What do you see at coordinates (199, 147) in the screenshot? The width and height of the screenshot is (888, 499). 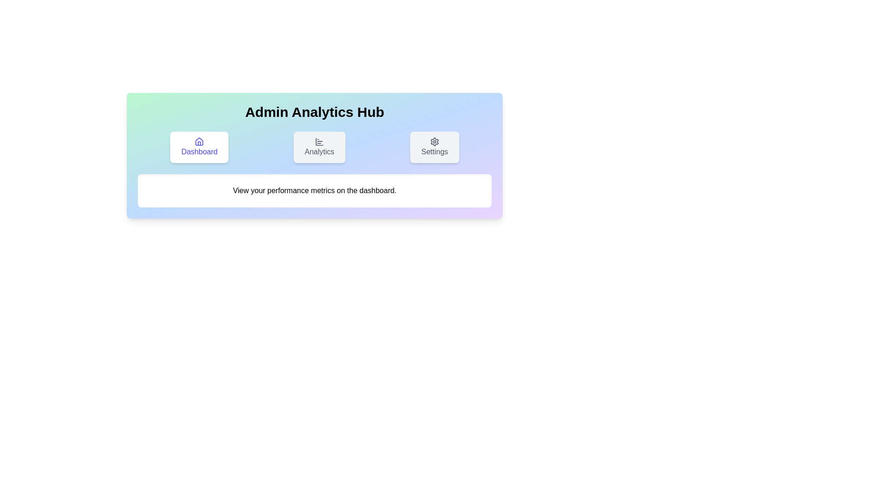 I see `the Dashboard tab by clicking on its button` at bounding box center [199, 147].